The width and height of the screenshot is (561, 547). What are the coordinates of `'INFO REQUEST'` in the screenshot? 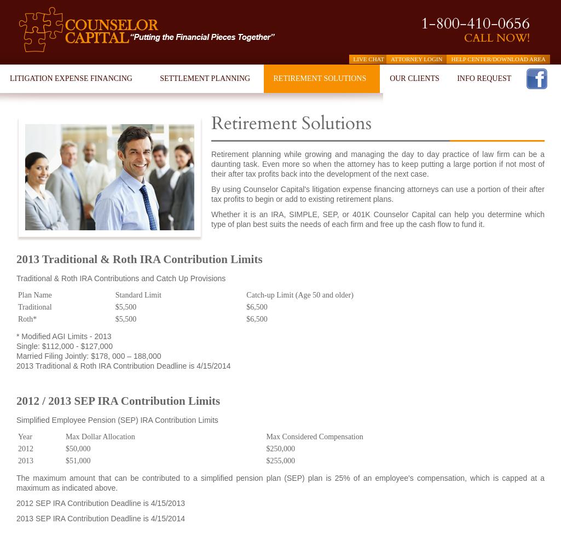 It's located at (484, 78).